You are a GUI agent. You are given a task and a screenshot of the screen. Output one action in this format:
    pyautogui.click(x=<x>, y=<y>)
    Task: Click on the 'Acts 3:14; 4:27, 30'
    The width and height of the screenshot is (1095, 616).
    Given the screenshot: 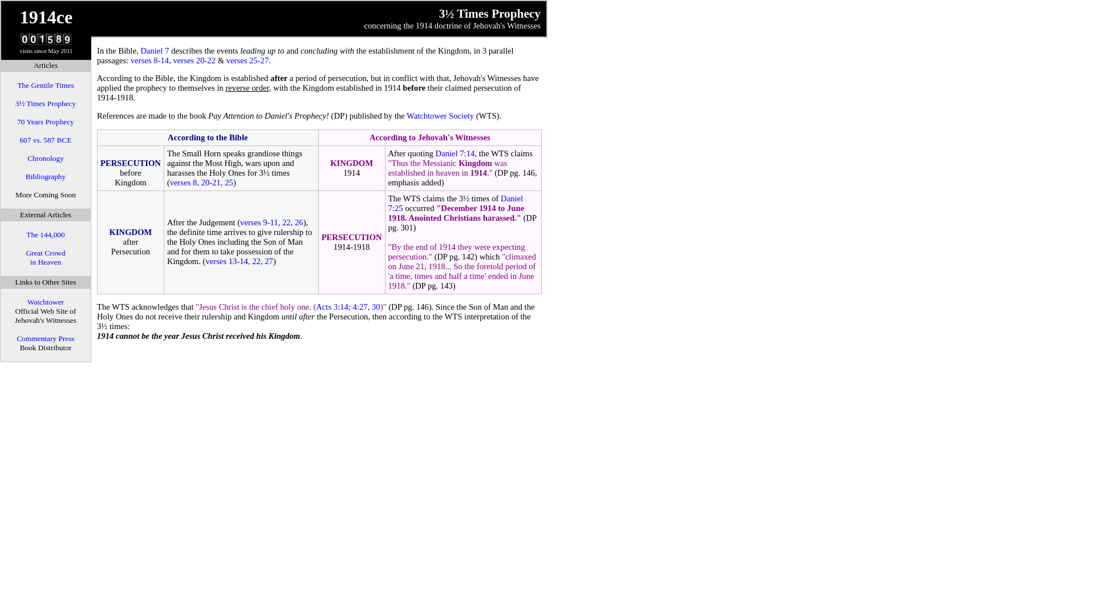 What is the action you would take?
    pyautogui.click(x=347, y=306)
    